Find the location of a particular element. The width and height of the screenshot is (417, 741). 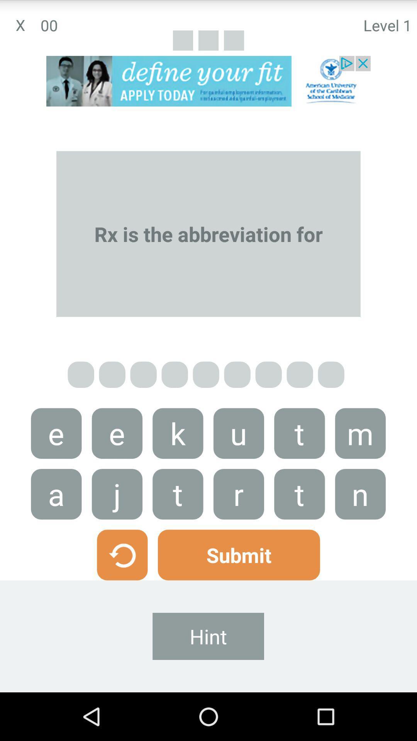

erase the previous letter is located at coordinates (122, 555).